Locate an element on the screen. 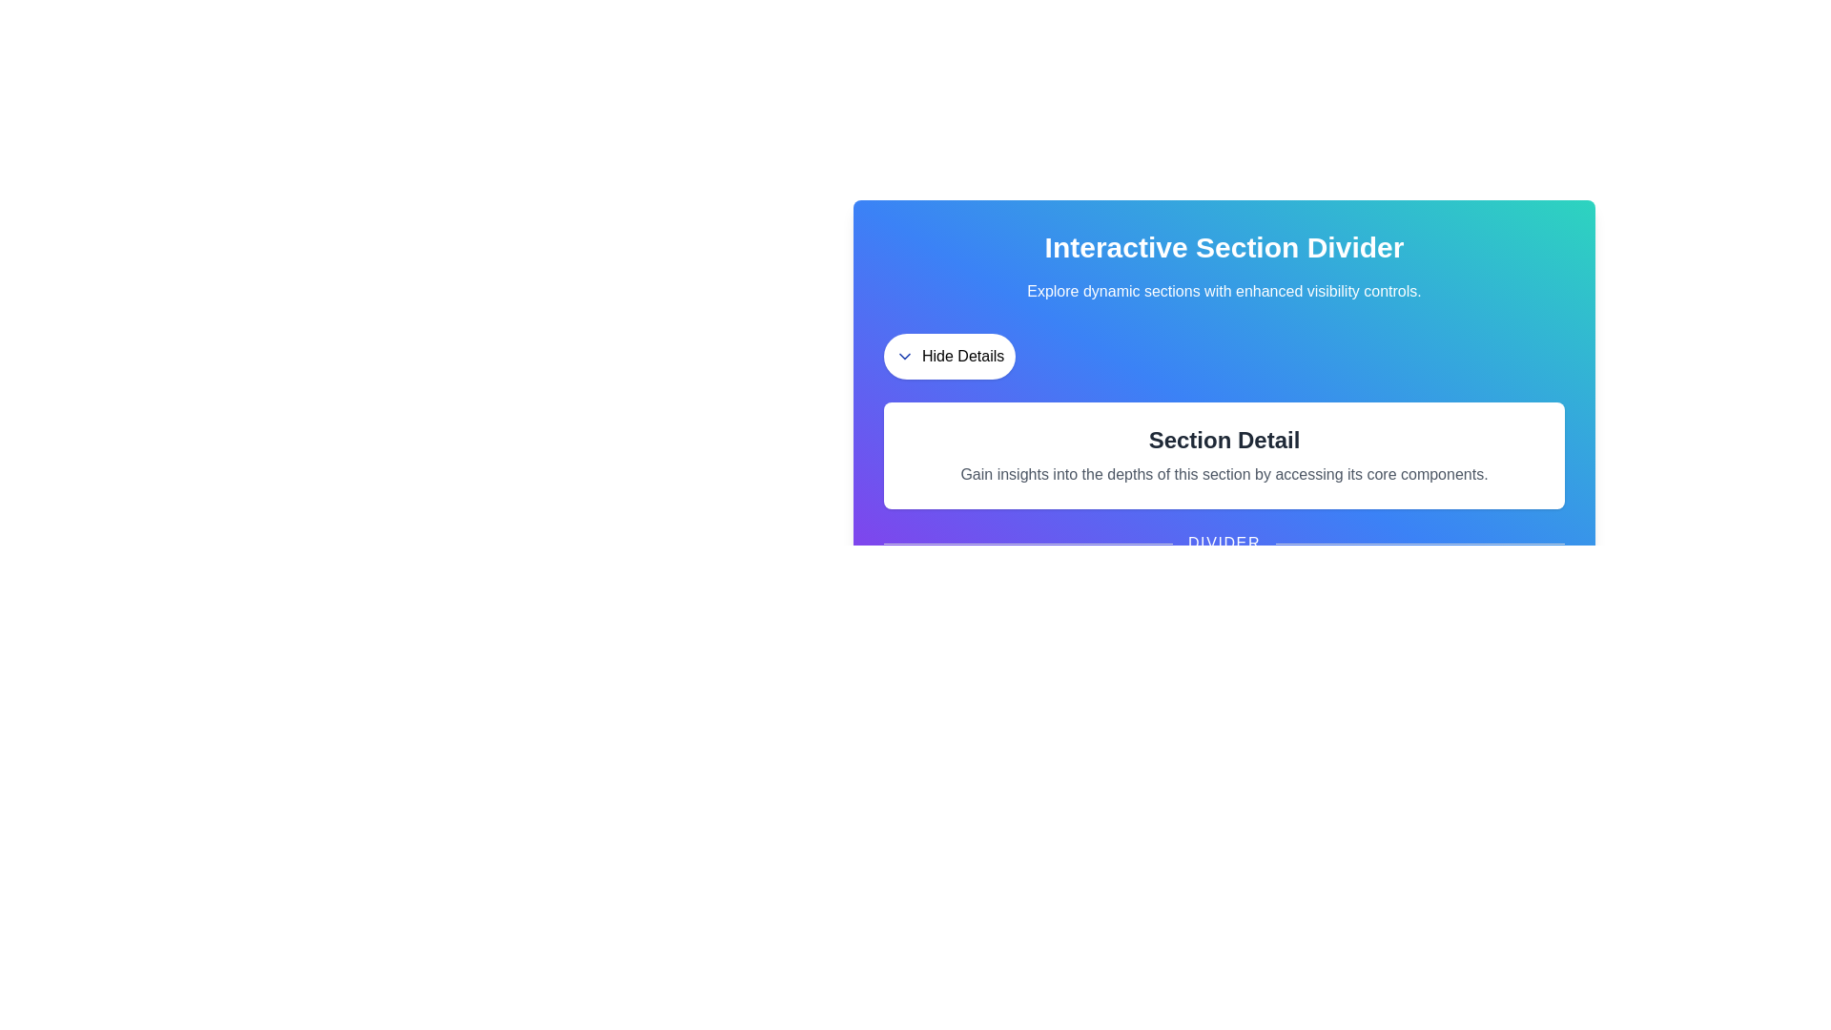 The width and height of the screenshot is (1831, 1030). the horizontal divider labeled 'DIVIDER' with a gradient background, located below the 'Section Detail' title and above the buttons 'Hide Section' and 'Expand Features' is located at coordinates (1224, 544).